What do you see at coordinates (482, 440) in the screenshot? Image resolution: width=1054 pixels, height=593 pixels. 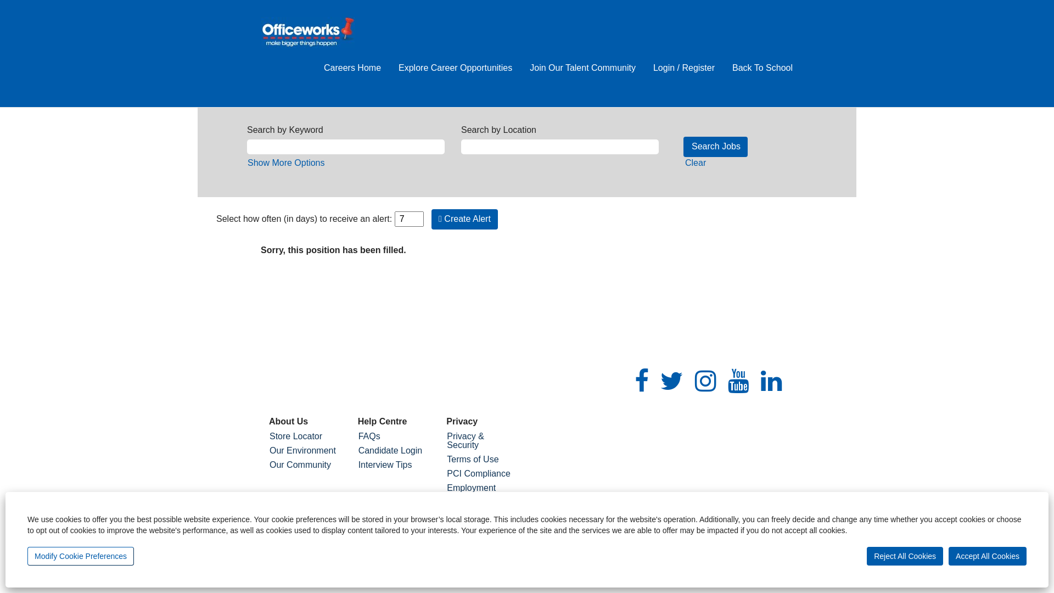 I see `'Privacy & Security'` at bounding box center [482, 440].